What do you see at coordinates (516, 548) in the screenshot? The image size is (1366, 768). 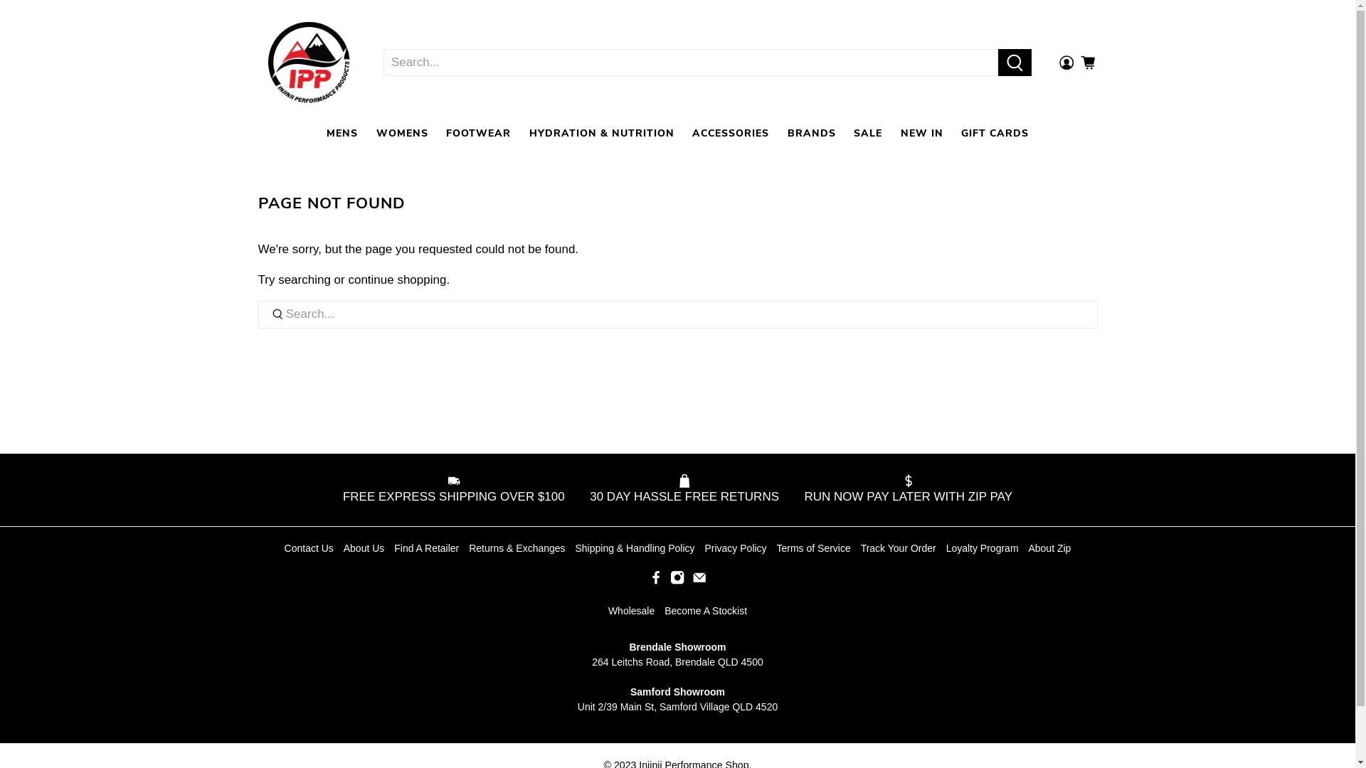 I see `'Returns & Exchanges'` at bounding box center [516, 548].